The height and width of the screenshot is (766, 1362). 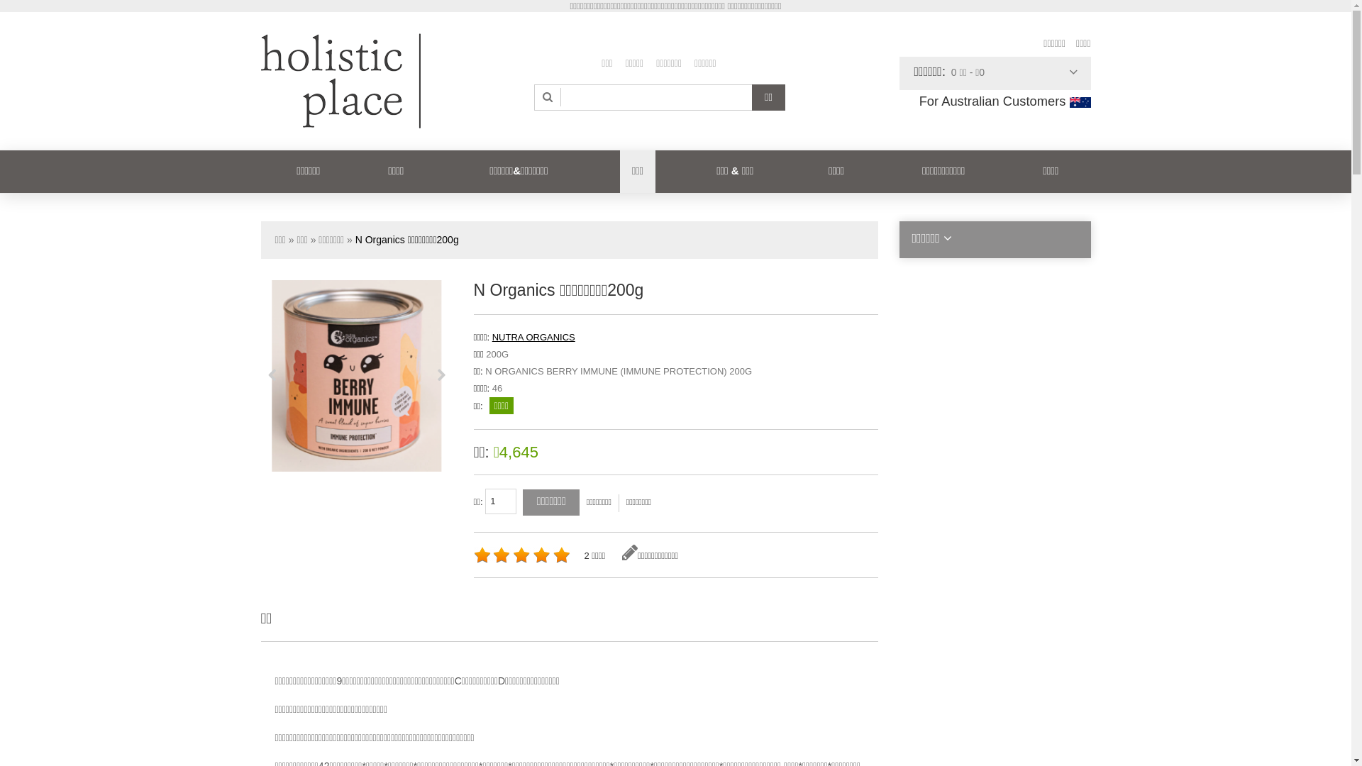 I want to click on 'NUTRA ORGANICS', so click(x=533, y=337).